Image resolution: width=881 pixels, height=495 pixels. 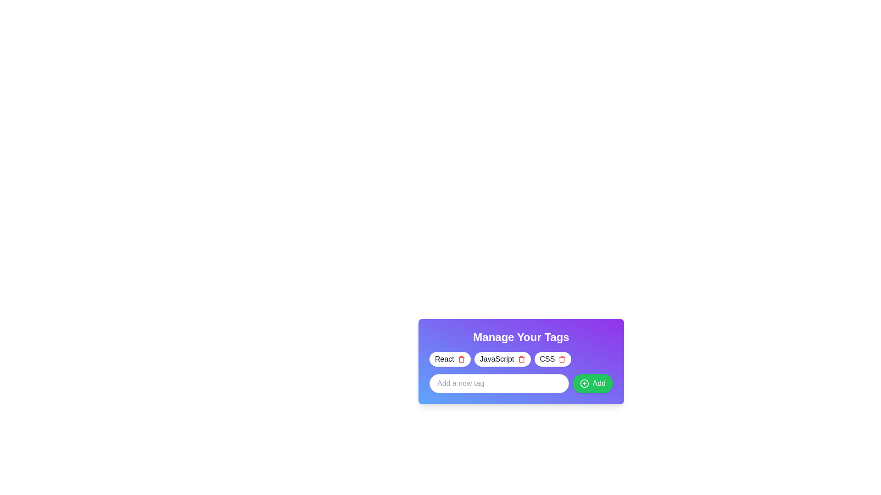 What do you see at coordinates (450, 358) in the screenshot?
I see `the 'React' tag component, which includes an interactive delete icon, positioned as the first tag in the horizontal list under 'Manage Your Tags'` at bounding box center [450, 358].